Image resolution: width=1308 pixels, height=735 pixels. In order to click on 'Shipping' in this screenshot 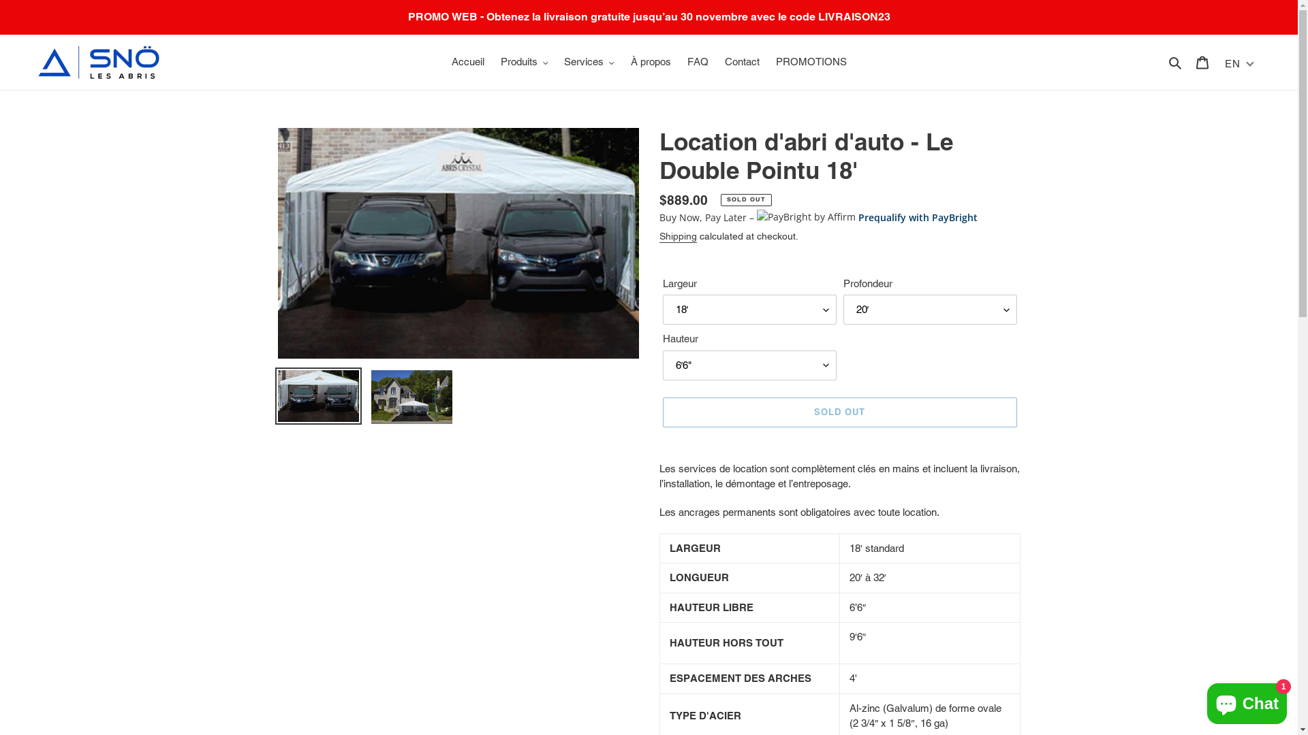, I will do `click(678, 235)`.